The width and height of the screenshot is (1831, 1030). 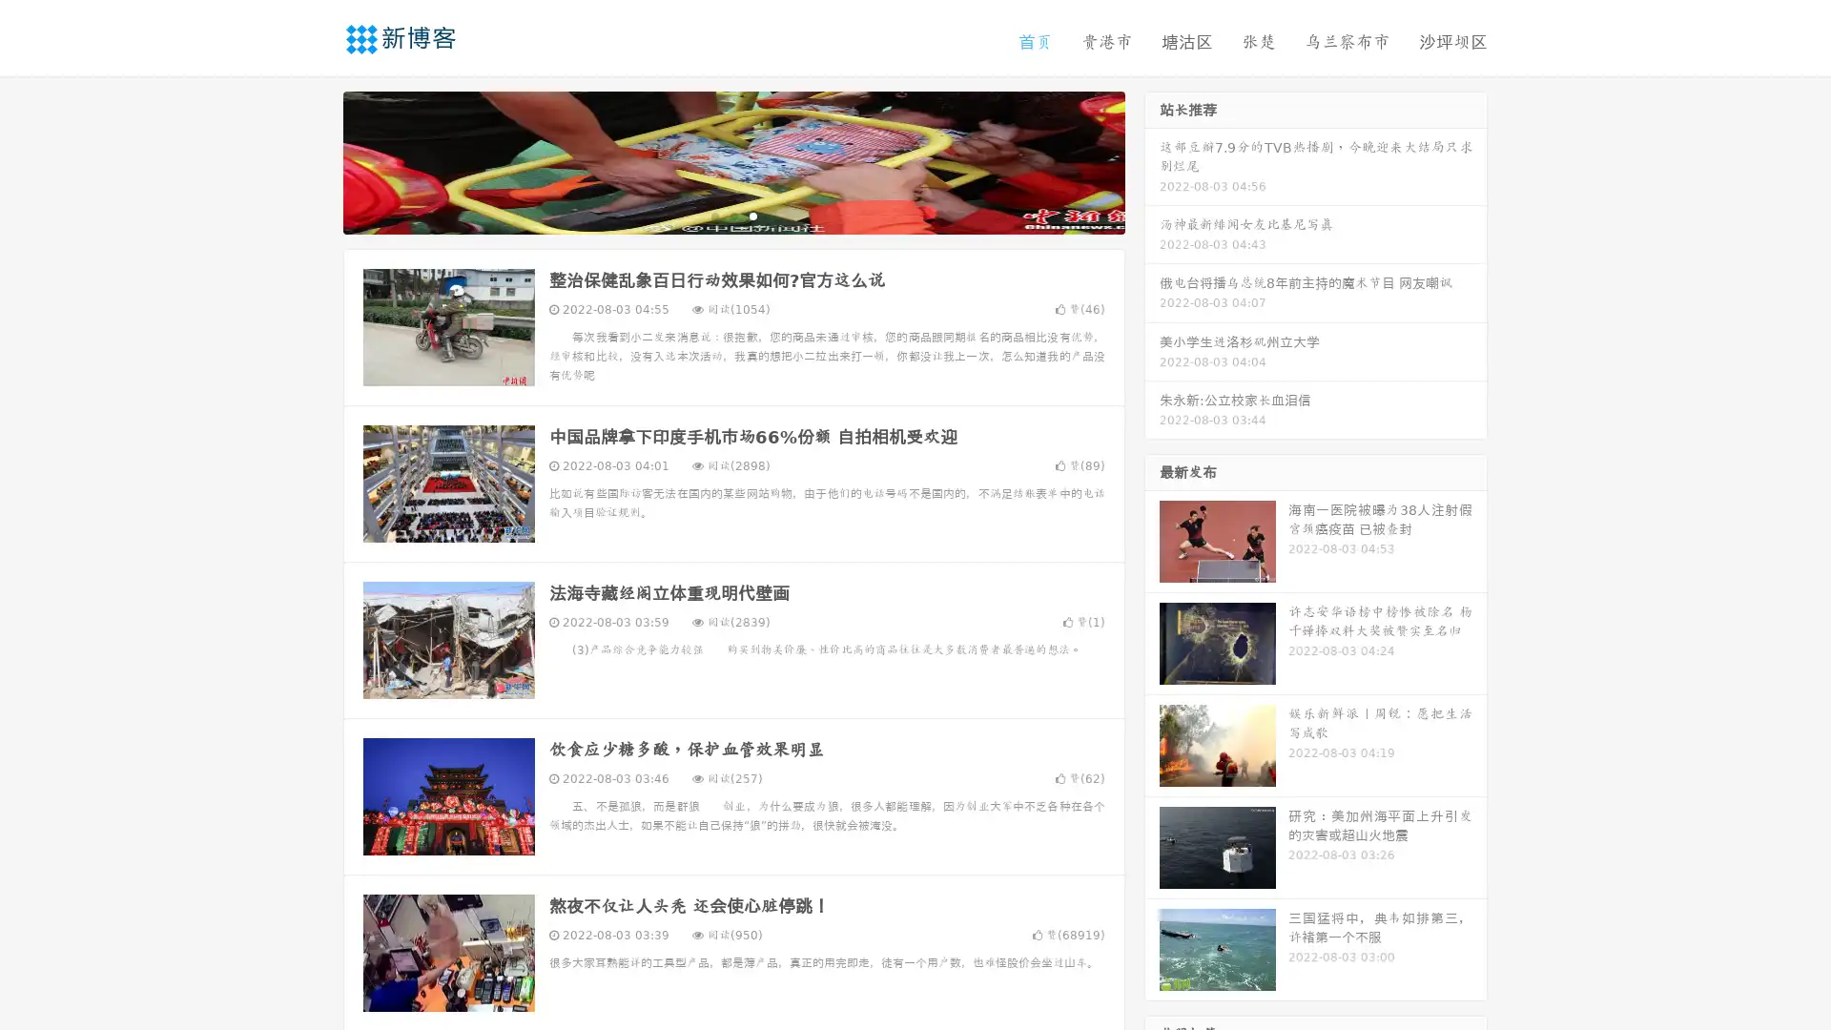 I want to click on Next slide, so click(x=1152, y=160).